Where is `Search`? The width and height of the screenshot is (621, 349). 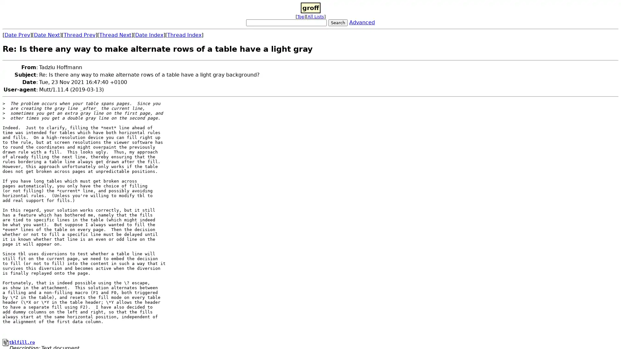
Search is located at coordinates (338, 22).